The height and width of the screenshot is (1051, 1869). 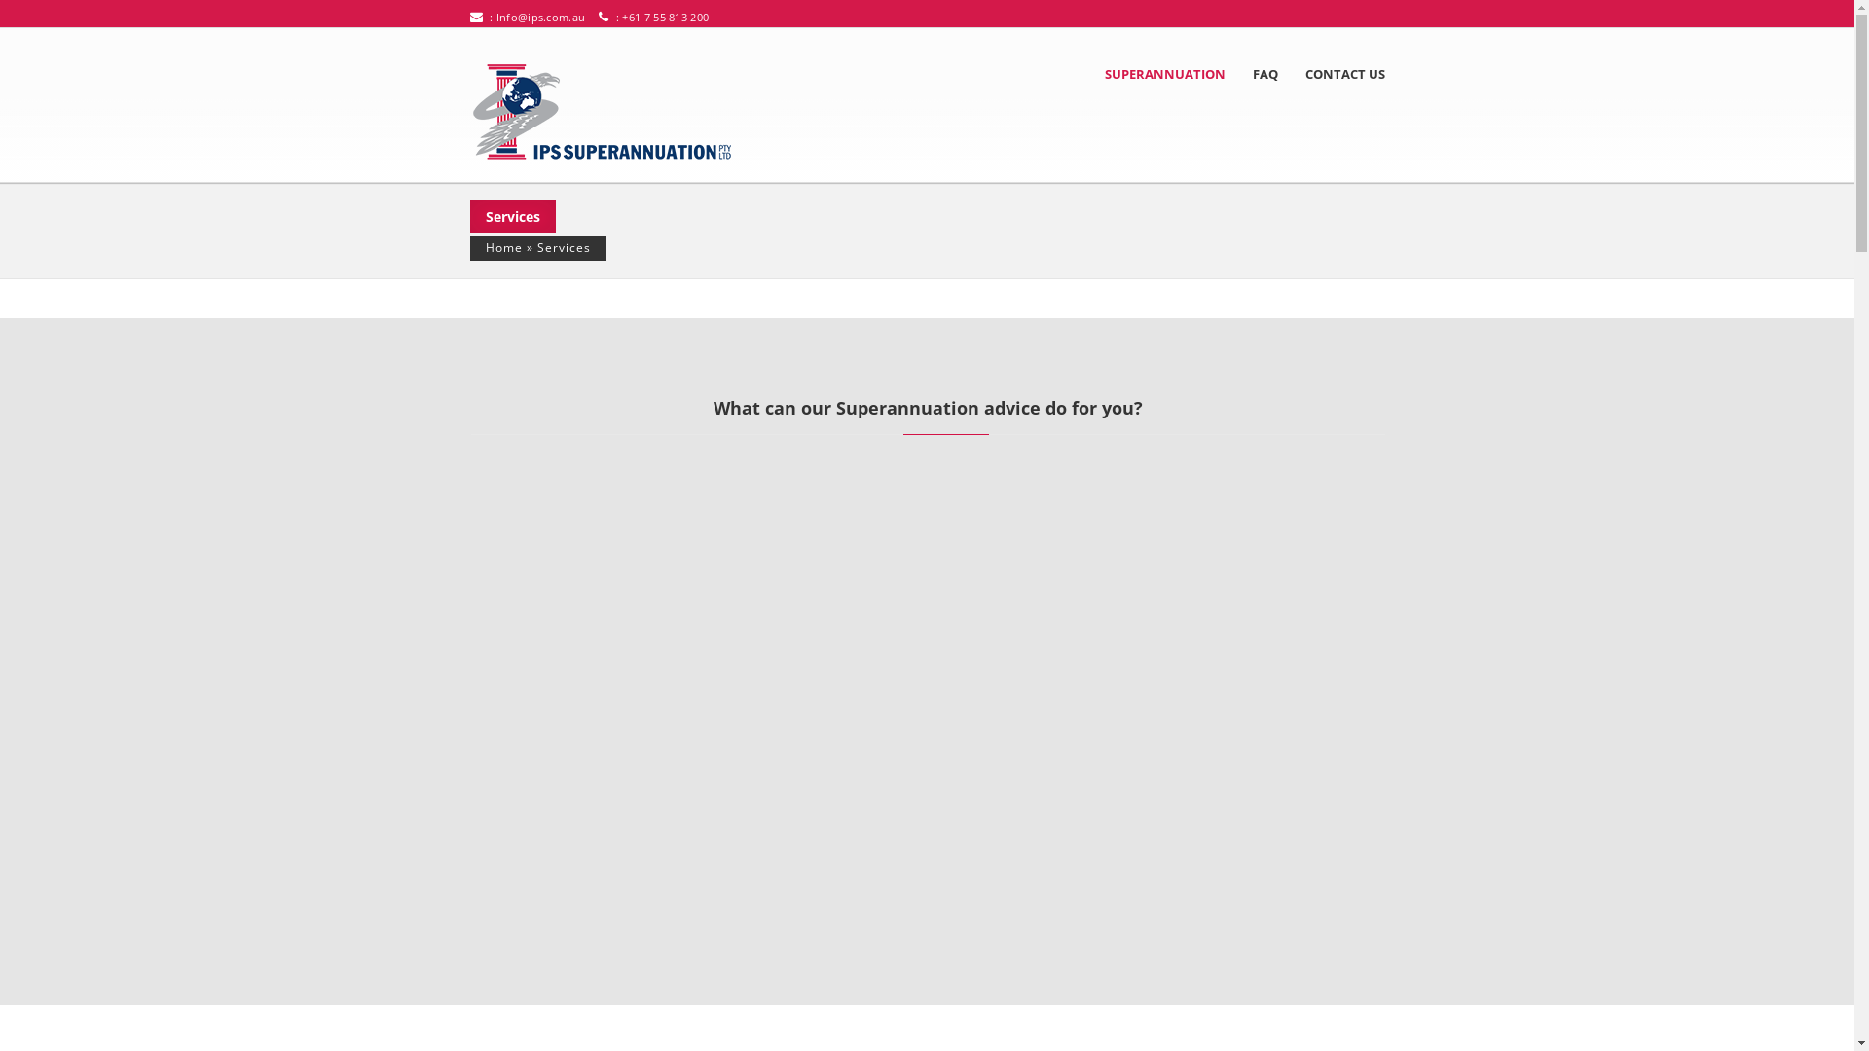 What do you see at coordinates (541, 17) in the screenshot?
I see `'Info@ips.com.au'` at bounding box center [541, 17].